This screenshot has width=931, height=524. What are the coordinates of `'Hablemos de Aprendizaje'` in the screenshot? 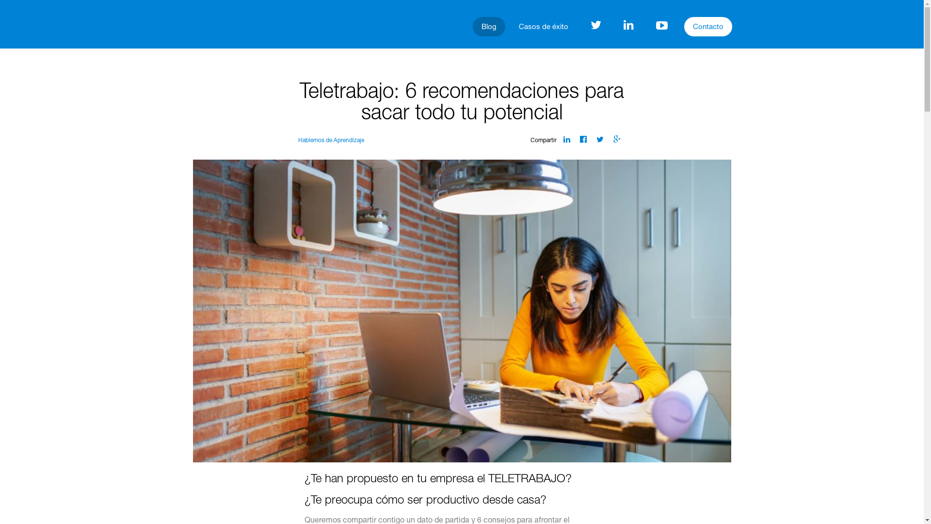 It's located at (297, 140).